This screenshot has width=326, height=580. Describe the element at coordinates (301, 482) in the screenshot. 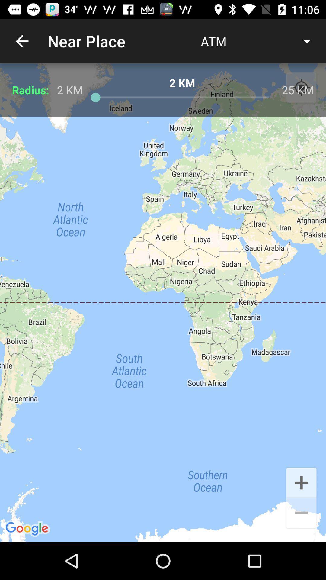

I see `the add icon` at that location.